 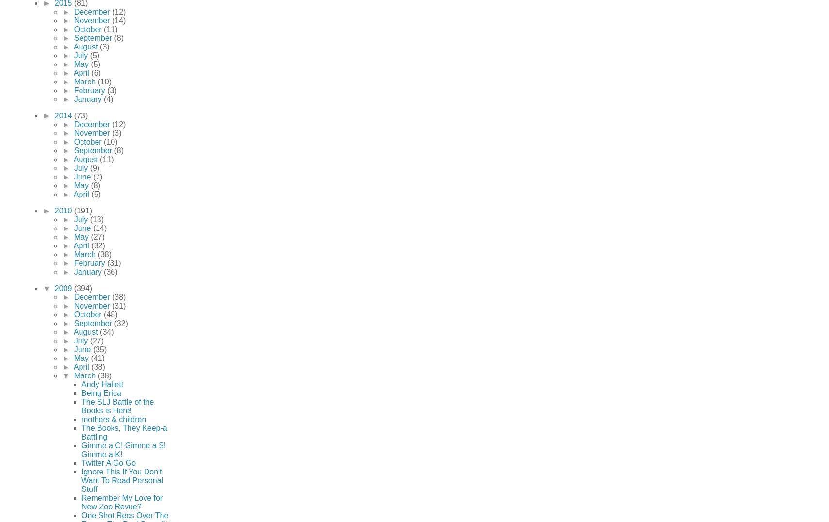 What do you see at coordinates (122, 479) in the screenshot?
I see `'Ignore This If You Don't Want To Read Personal Stuff'` at bounding box center [122, 479].